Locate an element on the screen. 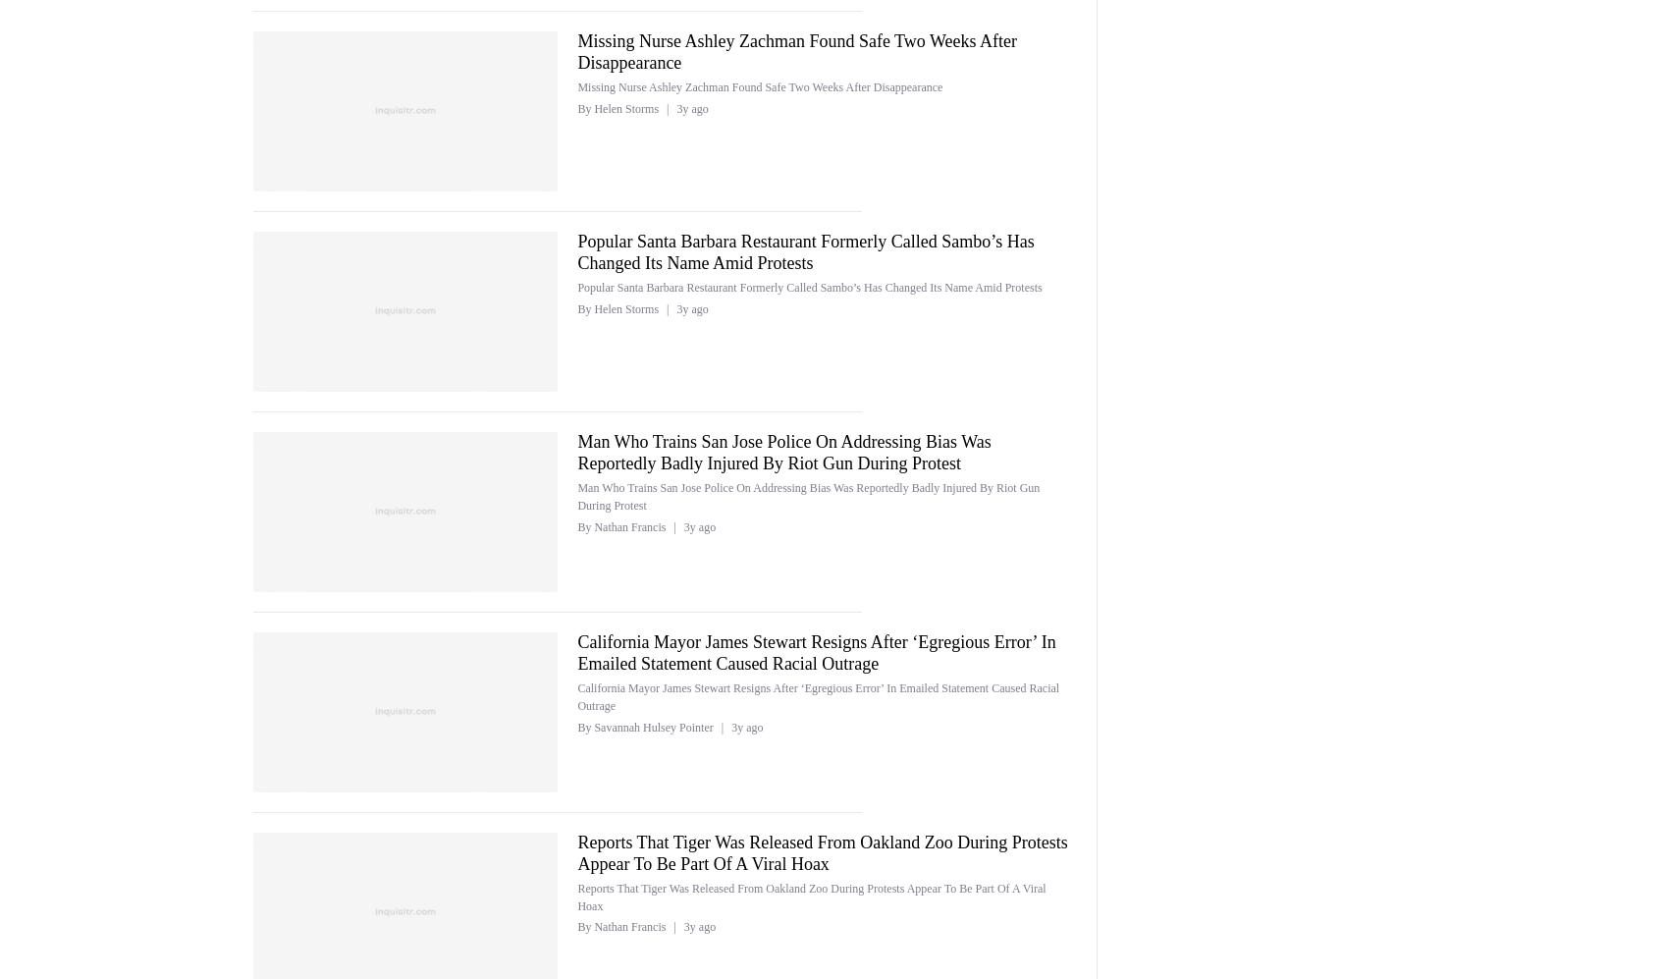 Image resolution: width=1664 pixels, height=979 pixels. 'By Savannah Hulsey Pointer' is located at coordinates (576, 726).